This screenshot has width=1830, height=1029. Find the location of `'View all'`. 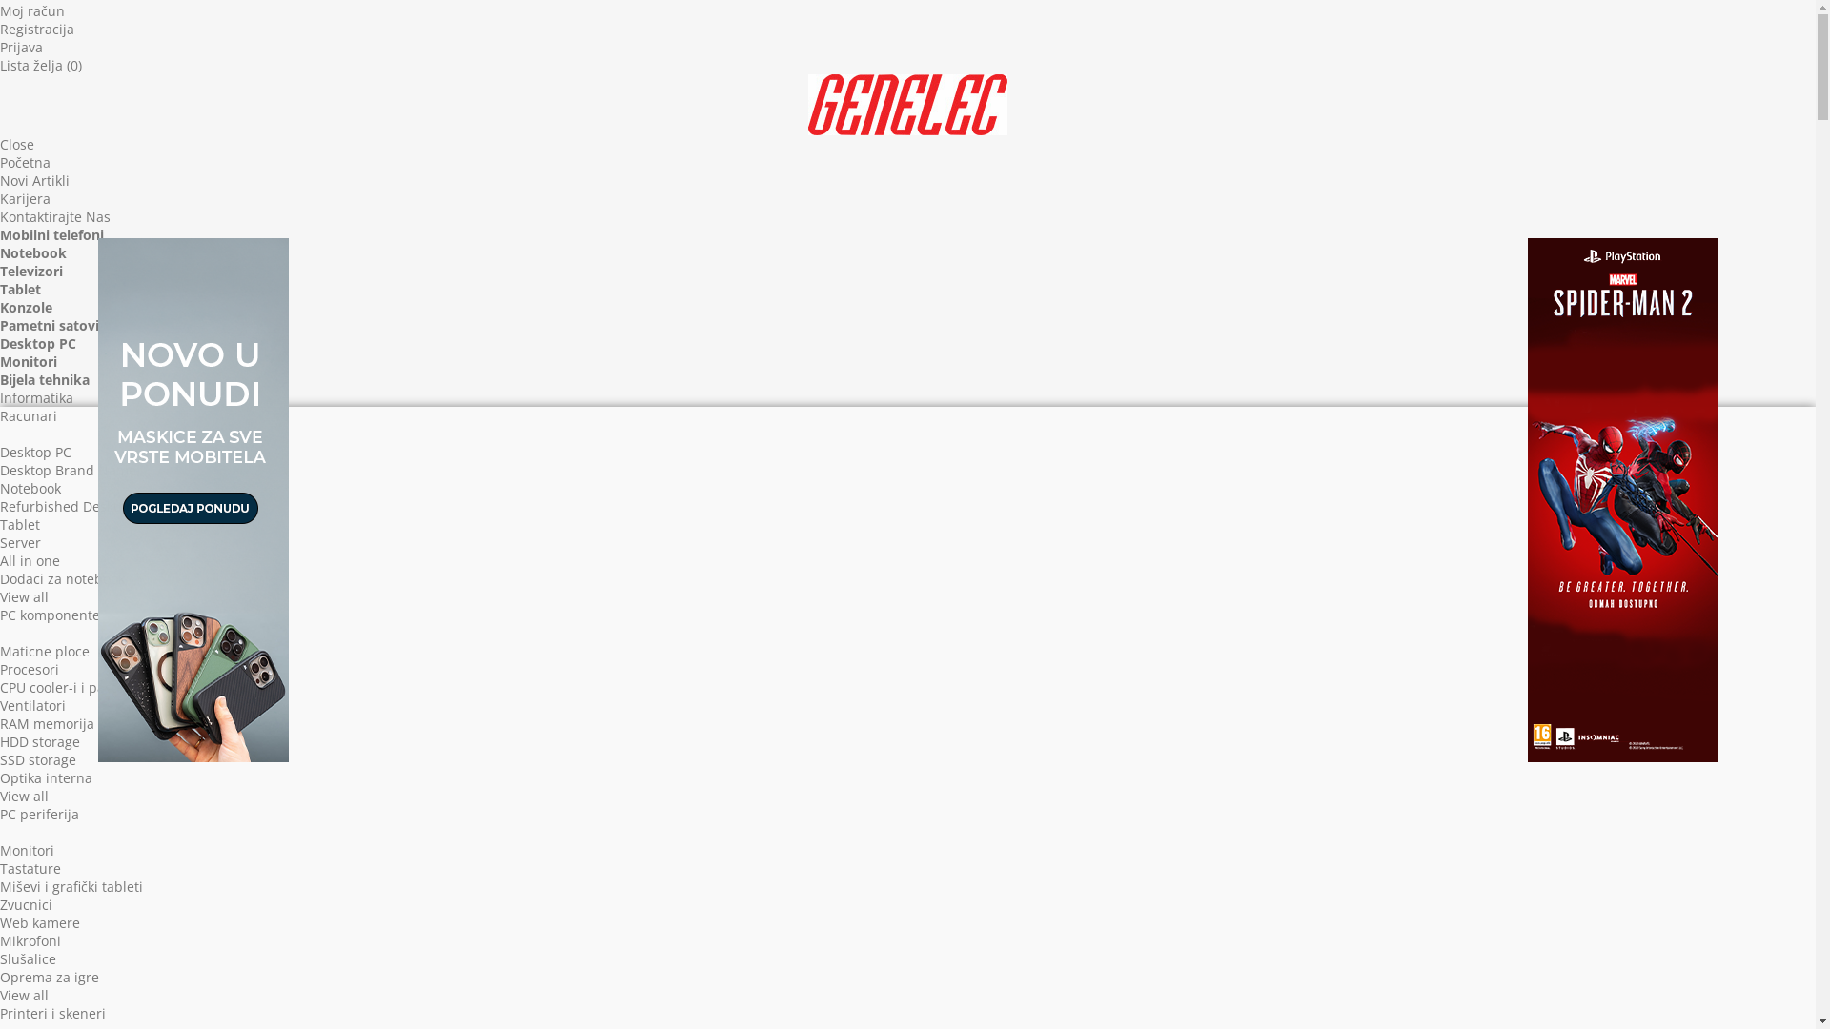

'View all' is located at coordinates (24, 595).